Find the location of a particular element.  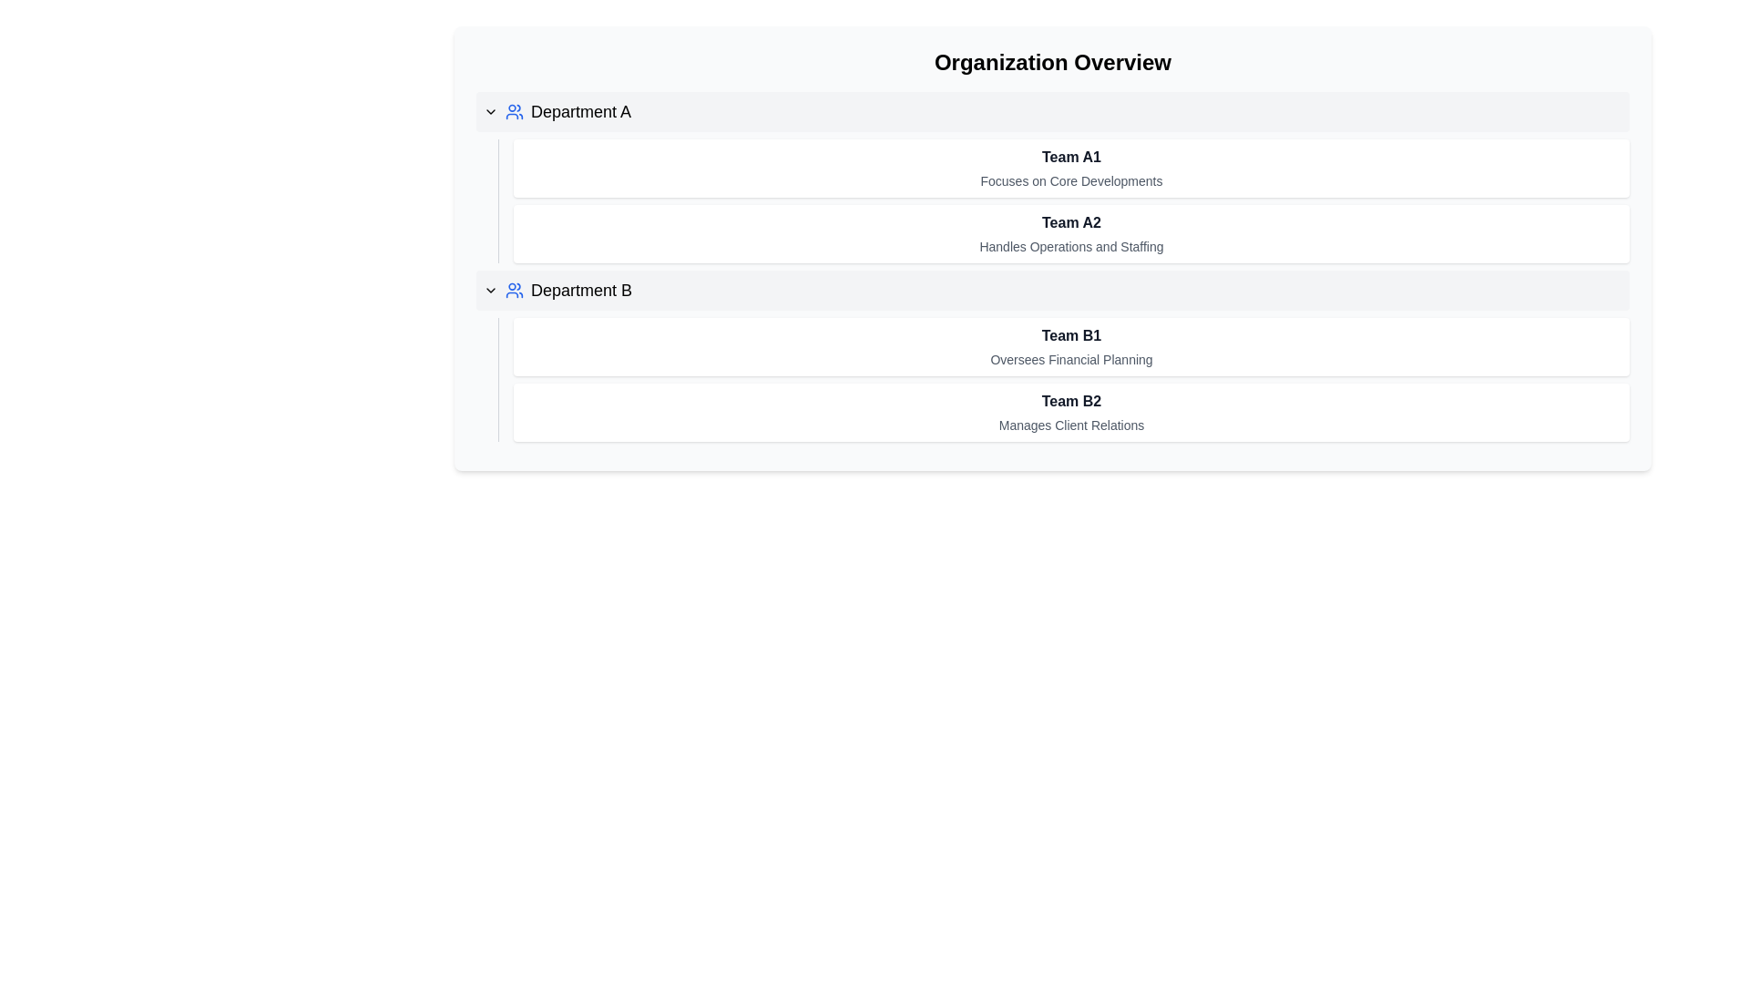

the non-interactive text label that provides information related to 'Team B2', positioned below 'Department B' is located at coordinates (1071, 425).